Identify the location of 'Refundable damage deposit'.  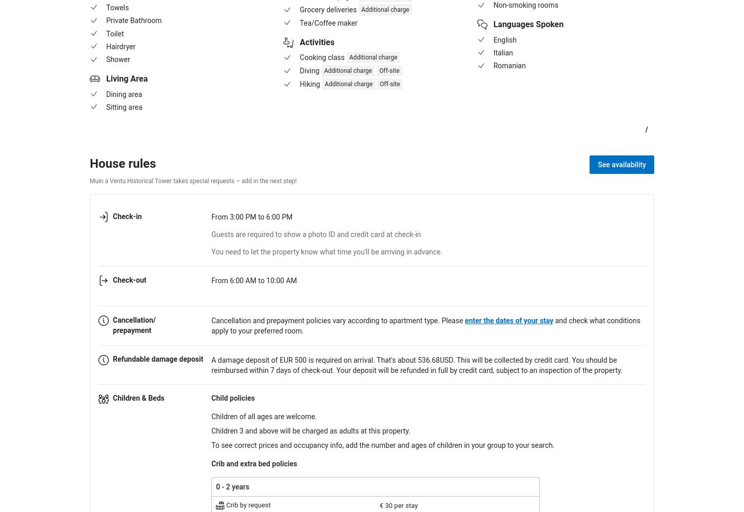
(158, 359).